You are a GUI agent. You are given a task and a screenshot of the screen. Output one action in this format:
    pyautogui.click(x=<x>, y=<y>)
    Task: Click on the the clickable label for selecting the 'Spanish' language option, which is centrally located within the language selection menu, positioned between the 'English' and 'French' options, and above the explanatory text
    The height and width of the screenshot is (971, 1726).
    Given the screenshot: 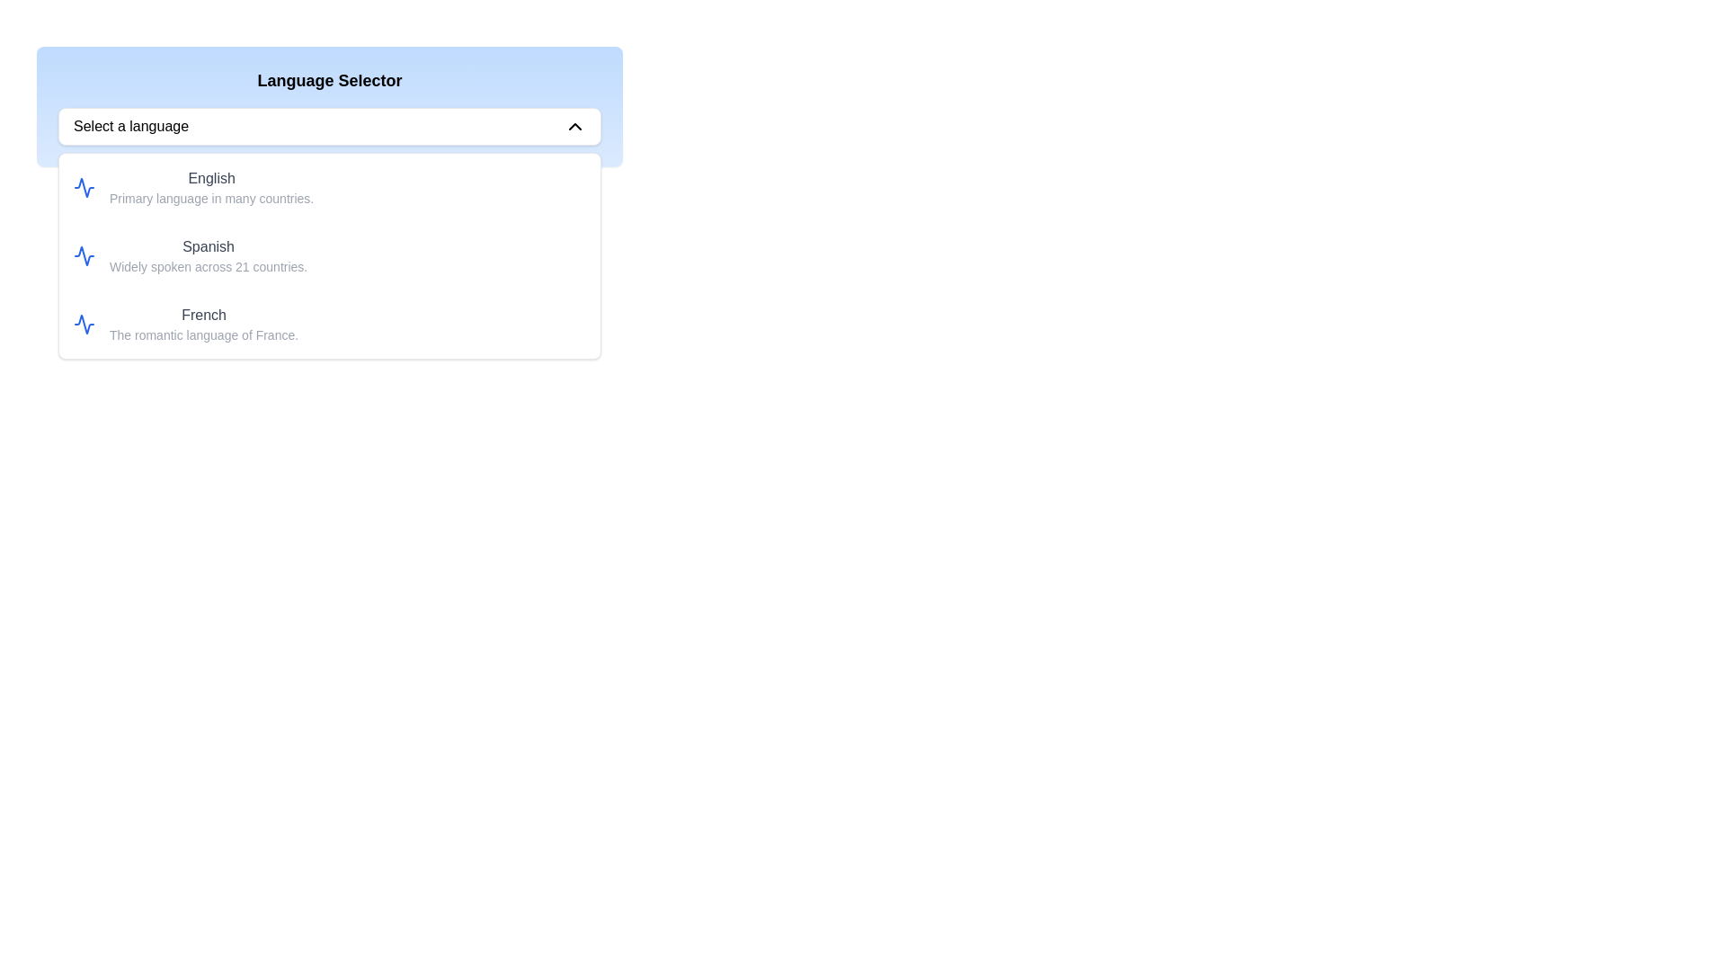 What is the action you would take?
    pyautogui.click(x=209, y=246)
    